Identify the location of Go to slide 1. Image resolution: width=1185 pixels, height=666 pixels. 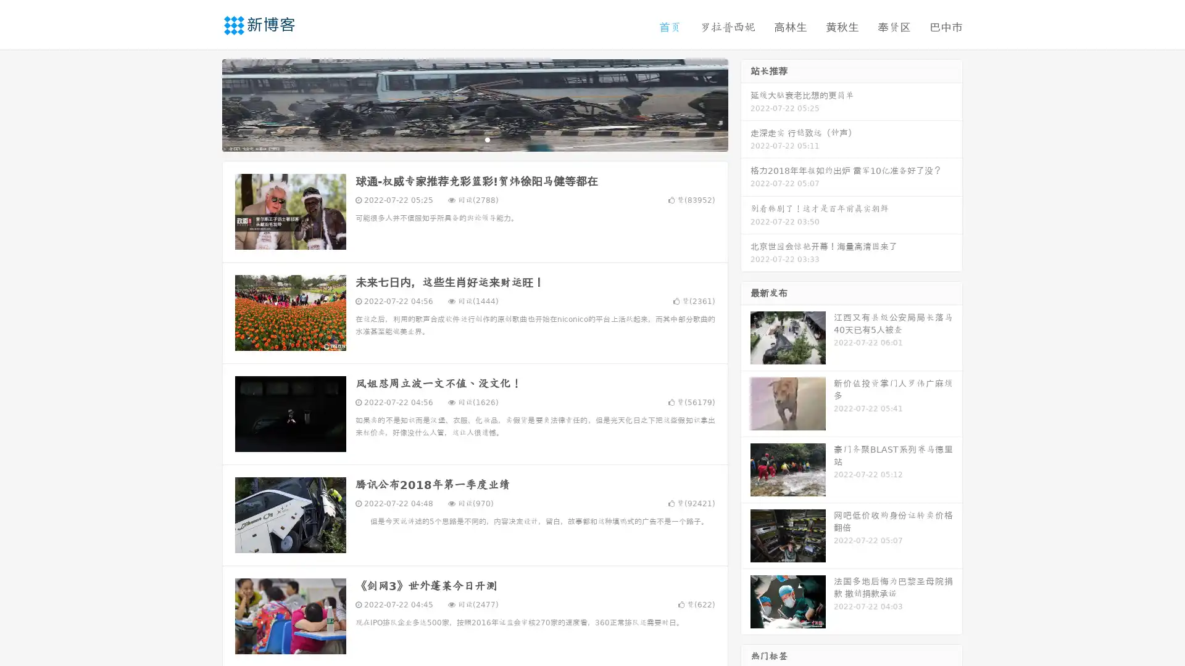
(462, 139).